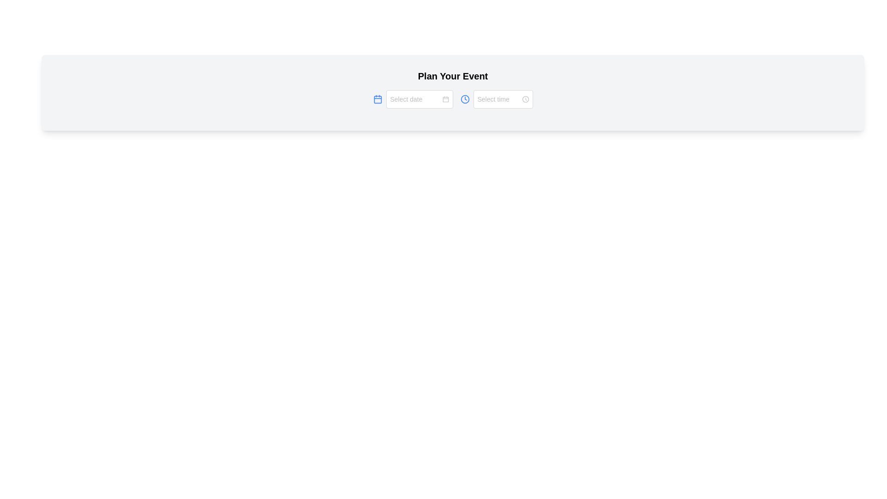 This screenshot has width=887, height=499. I want to click on the Clock Icon located to the right of the 'Select time' input area to interact with the time picker, so click(525, 99).